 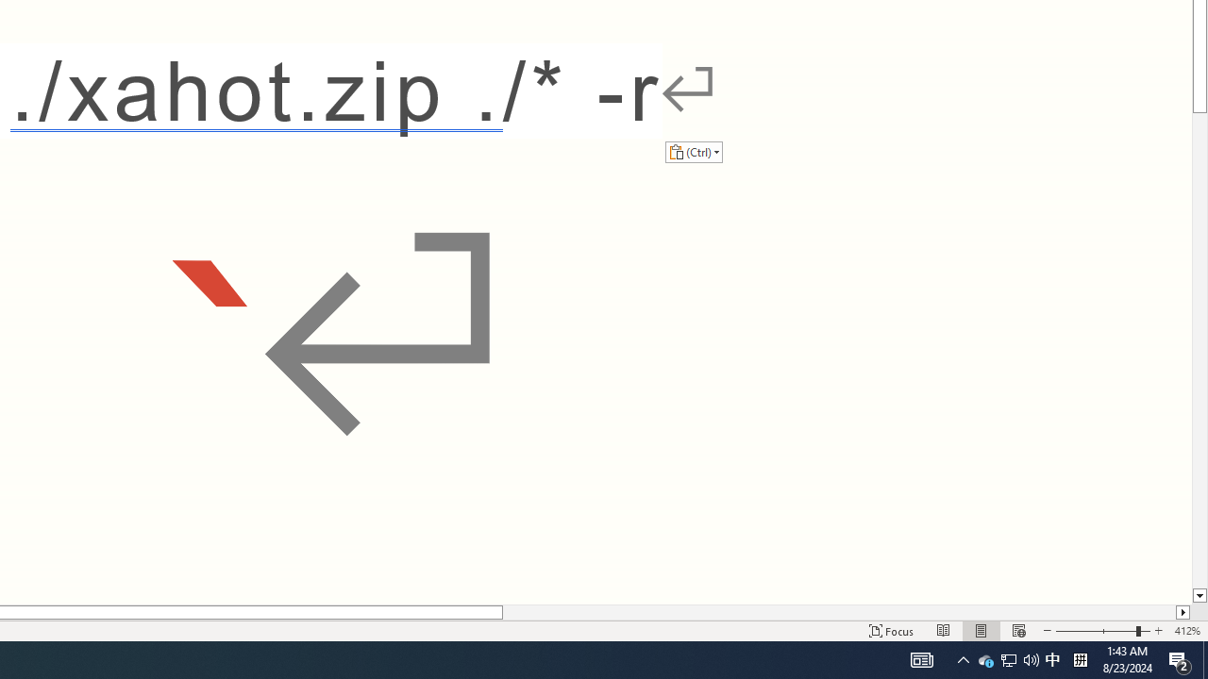 What do you see at coordinates (1183, 612) in the screenshot?
I see `'Column right'` at bounding box center [1183, 612].